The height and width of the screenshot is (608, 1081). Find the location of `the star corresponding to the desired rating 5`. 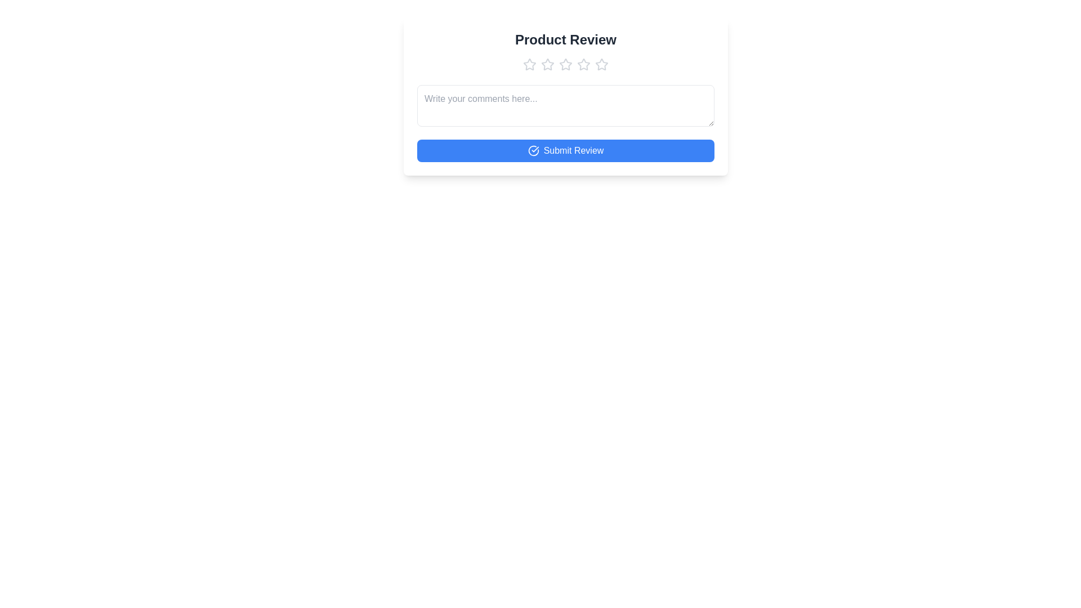

the star corresponding to the desired rating 5 is located at coordinates (601, 65).